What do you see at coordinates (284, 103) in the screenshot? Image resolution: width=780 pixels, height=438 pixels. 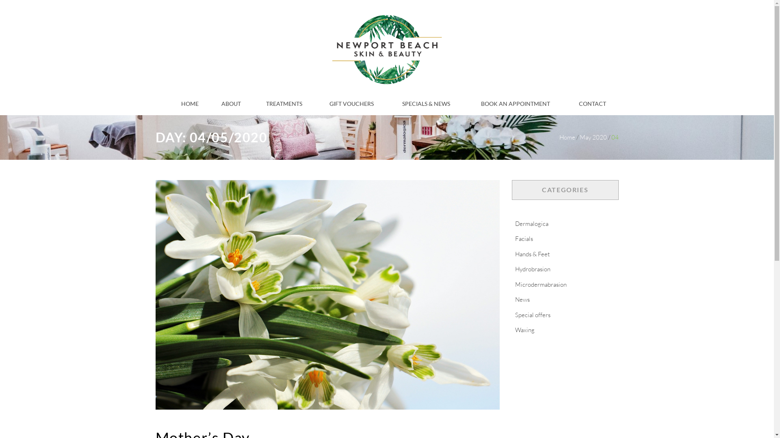 I see `'TREATMENTS'` at bounding box center [284, 103].